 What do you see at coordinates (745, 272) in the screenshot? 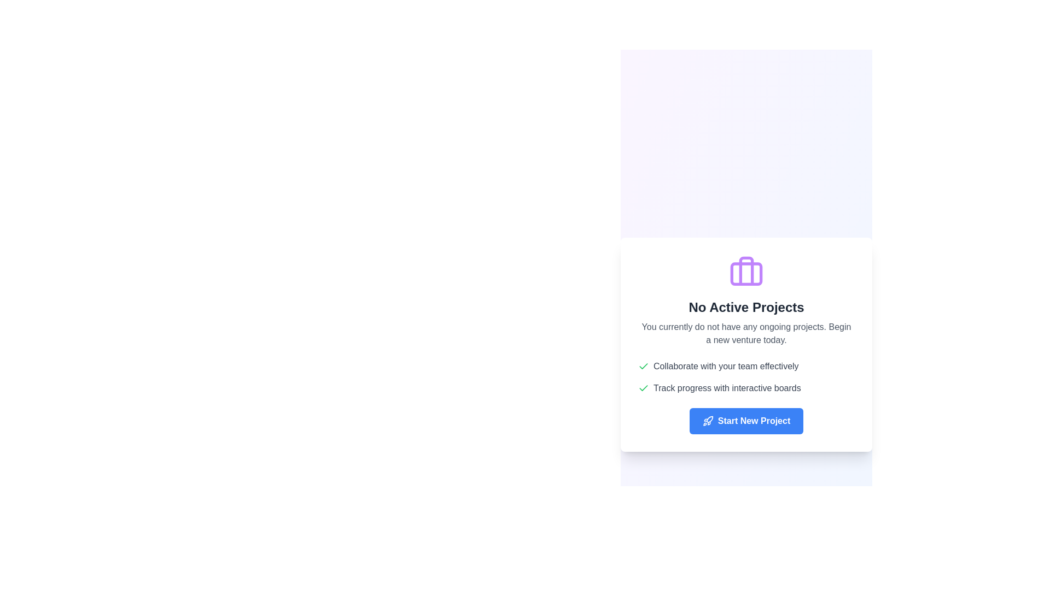
I see `the purple outlined briefcase icon located in the upper section of the white card that contains the heading 'No Active Projects'` at bounding box center [745, 272].